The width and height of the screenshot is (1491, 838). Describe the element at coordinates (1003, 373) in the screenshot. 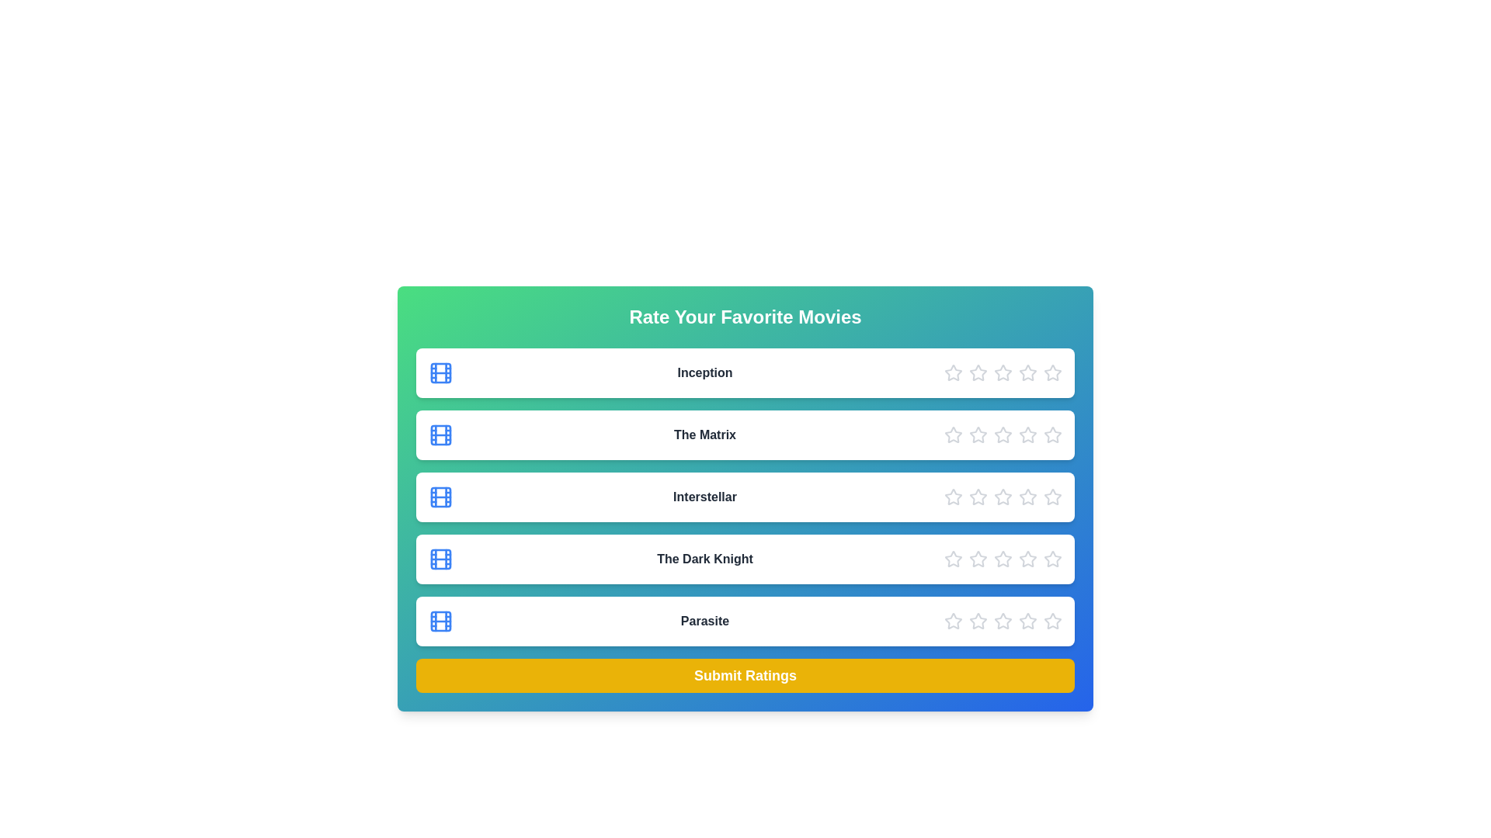

I see `the star corresponding to 3 to preview the rating` at that location.